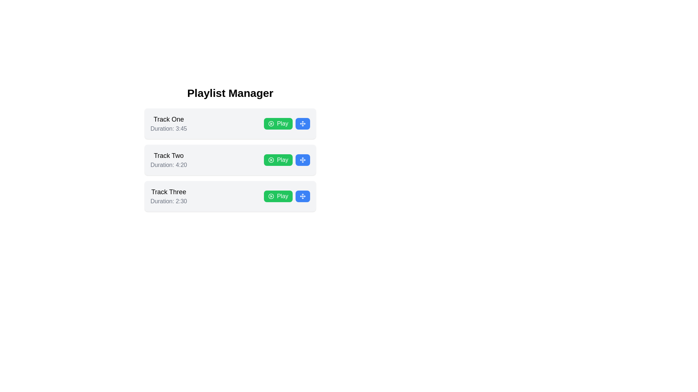 The image size is (698, 392). I want to click on the static text label displaying 'Track Two', which is the title of the second track in the playlist manager, so click(168, 155).